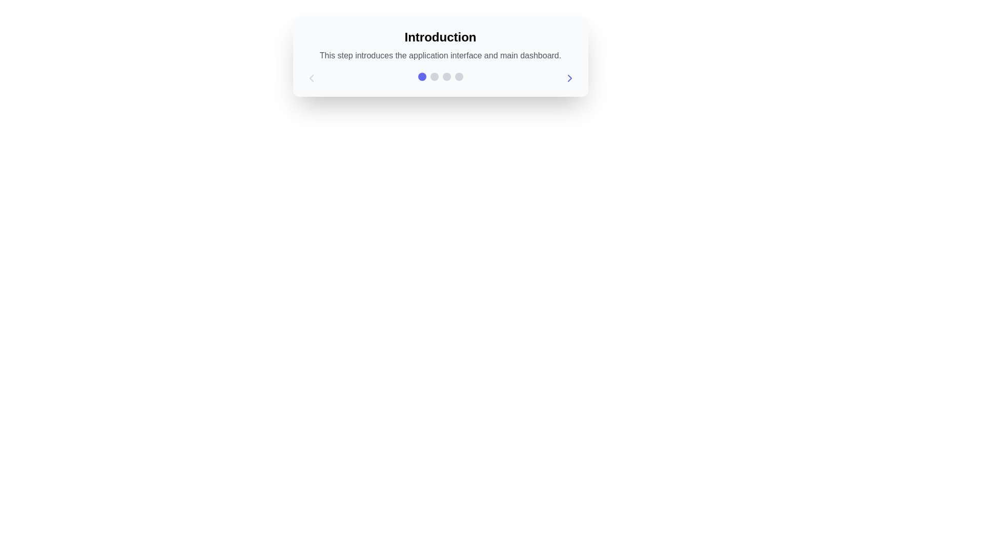 The height and width of the screenshot is (553, 984). I want to click on the third gray circular indicator in the row of step indicators within the 'Introduction' card, so click(446, 76).